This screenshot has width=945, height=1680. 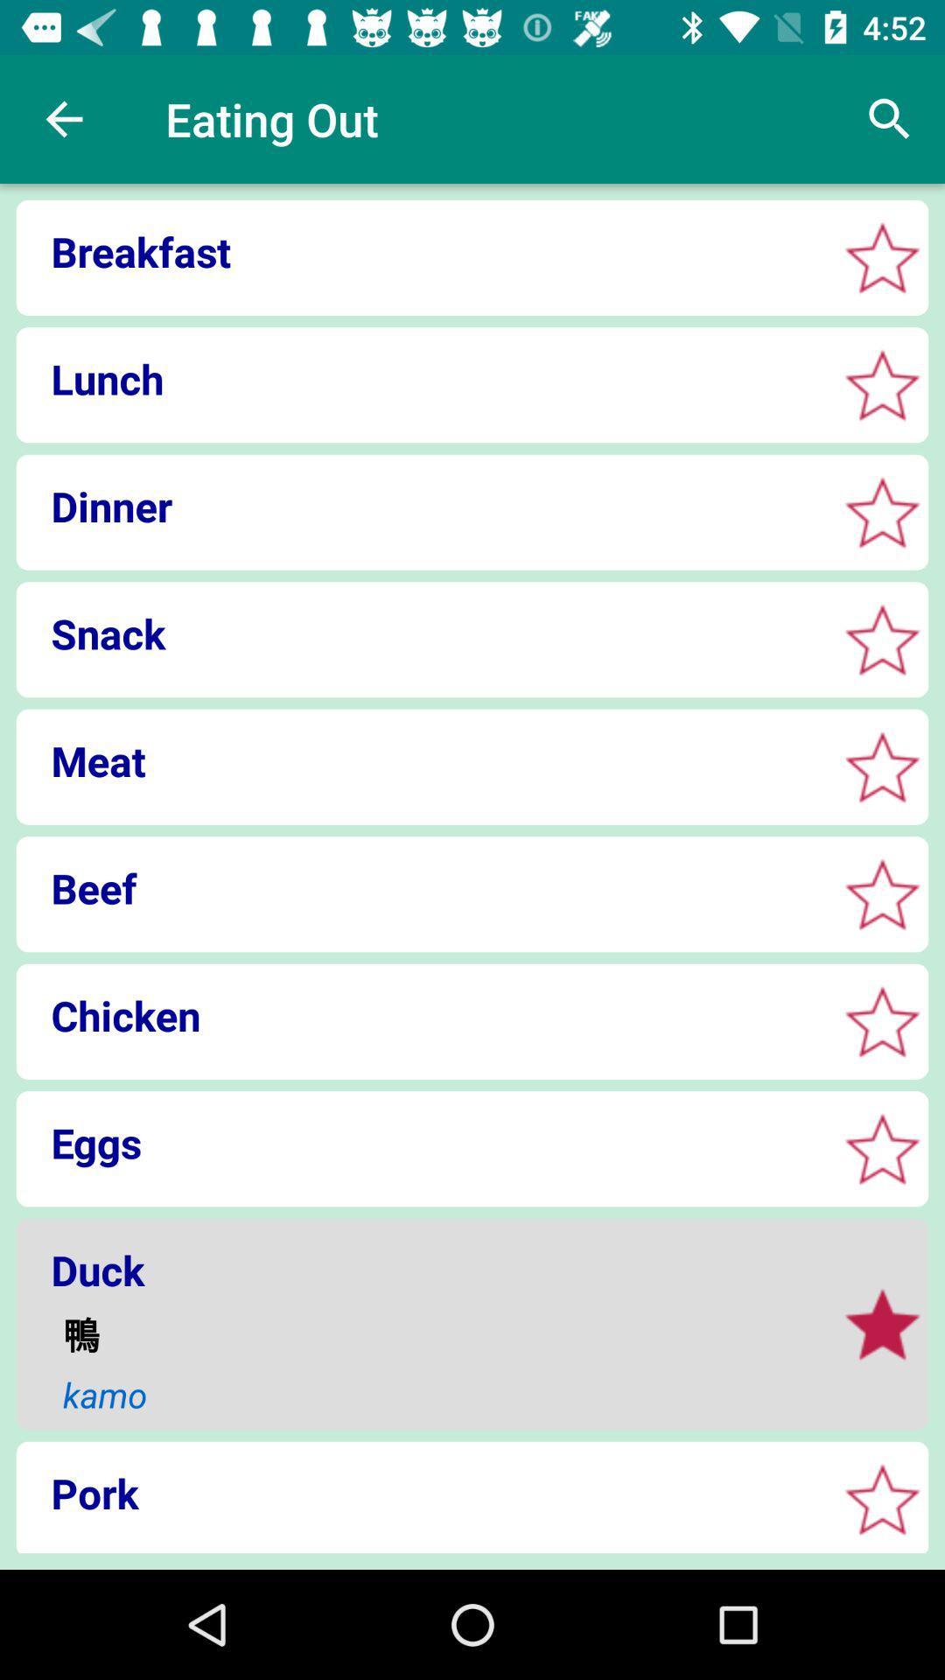 I want to click on click the red star, so click(x=882, y=1021).